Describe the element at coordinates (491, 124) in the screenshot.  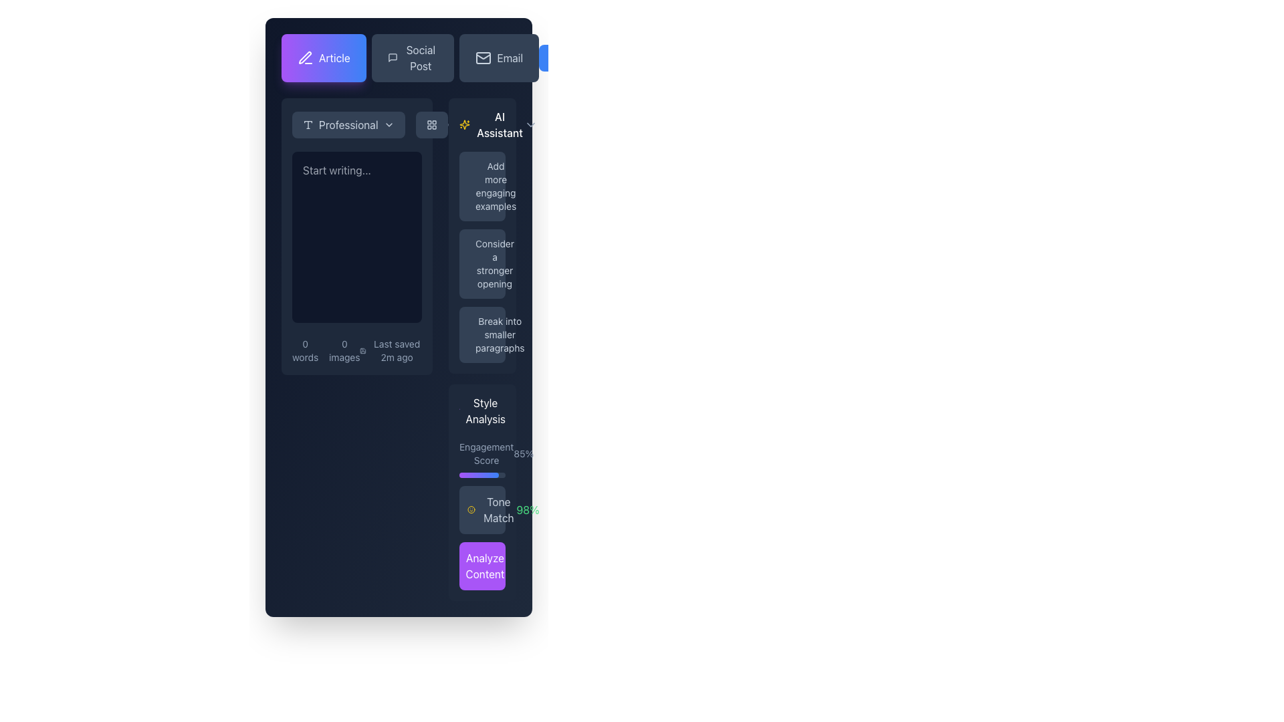
I see `the Text Label with Icon located in the top-right section of the interface, just below the header with buttons like 'Article,' 'Social Post,' and 'Email.'` at that location.